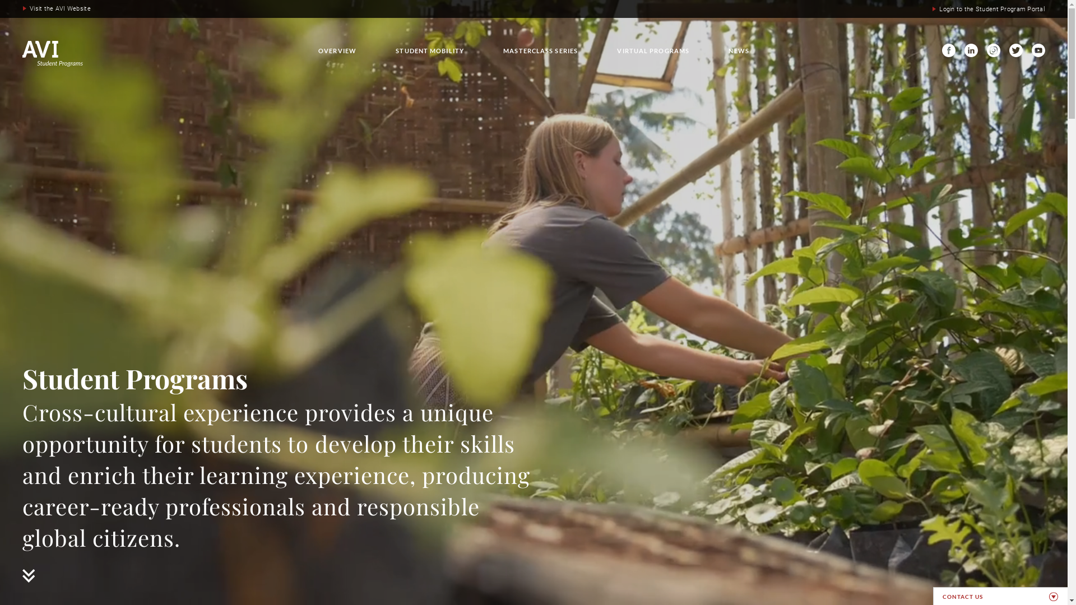 The image size is (1076, 605). Describe the element at coordinates (987, 49) in the screenshot. I see `'Instagram'` at that location.